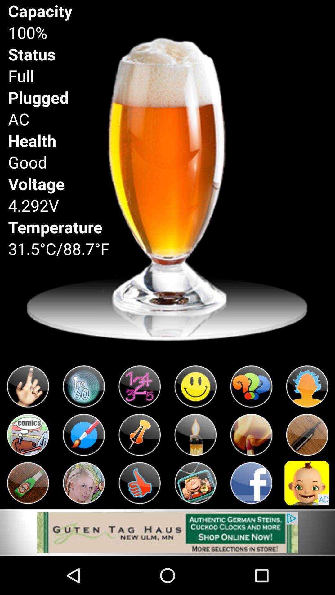 Image resolution: width=335 pixels, height=595 pixels. Describe the element at coordinates (307, 517) in the screenshot. I see `the avatar icon` at that location.